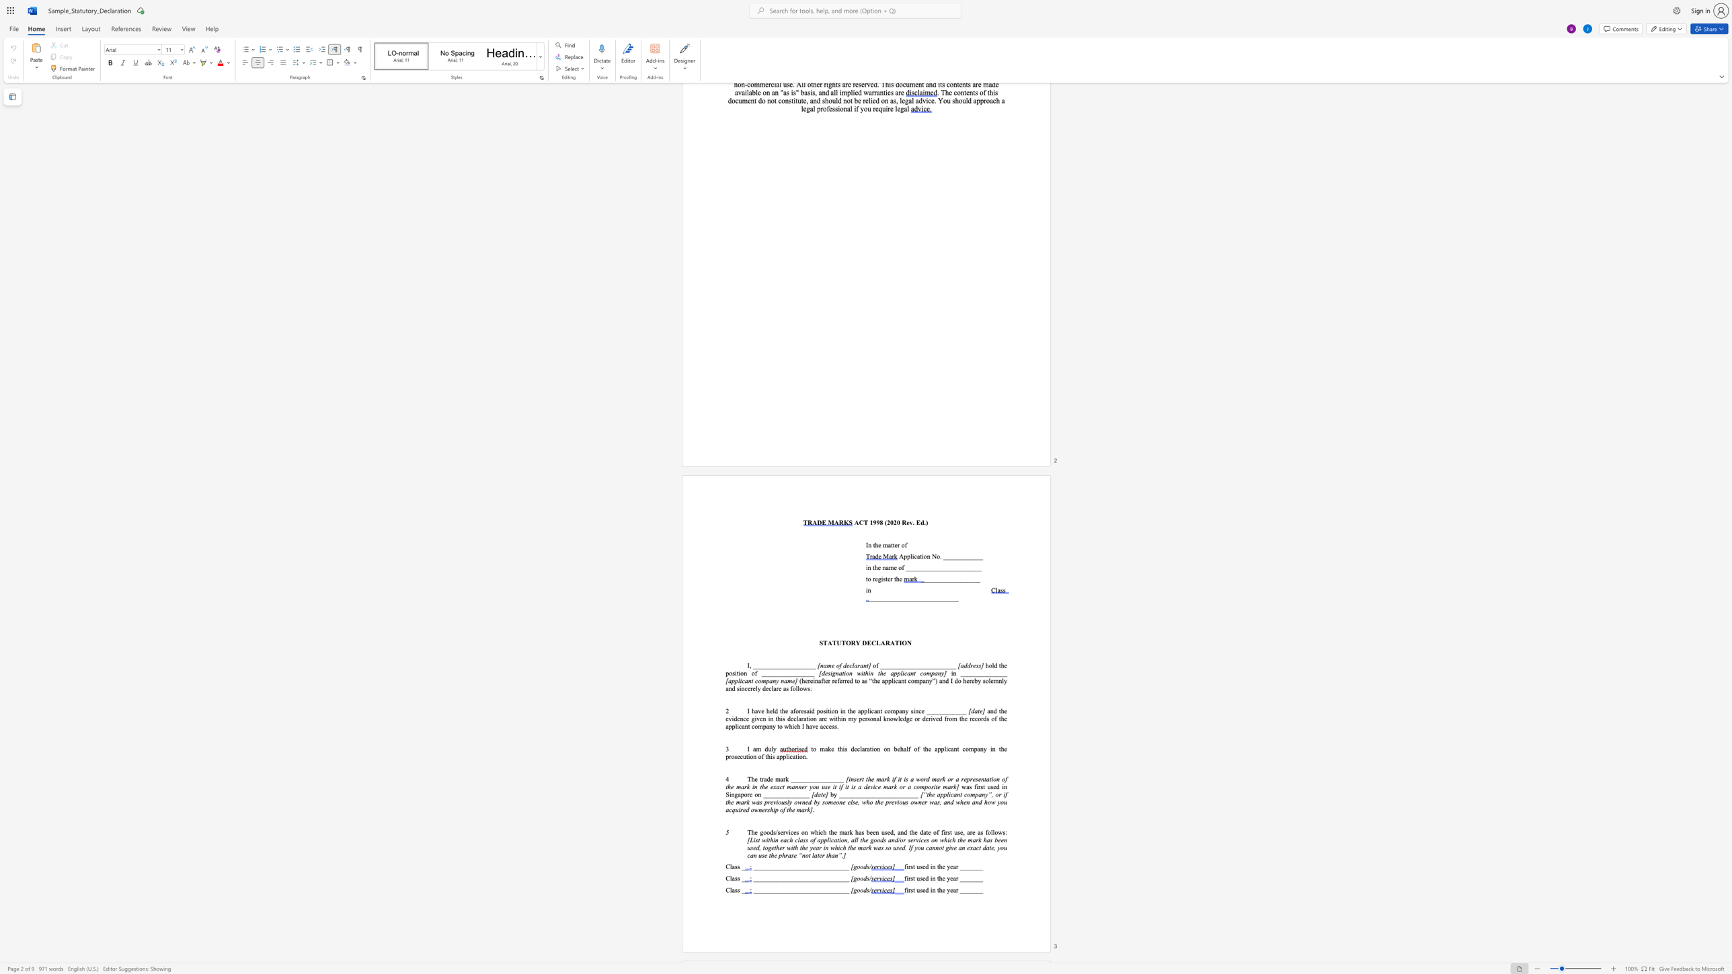  What do you see at coordinates (872, 577) in the screenshot?
I see `the subset text "registe" within the text "to register the"` at bounding box center [872, 577].